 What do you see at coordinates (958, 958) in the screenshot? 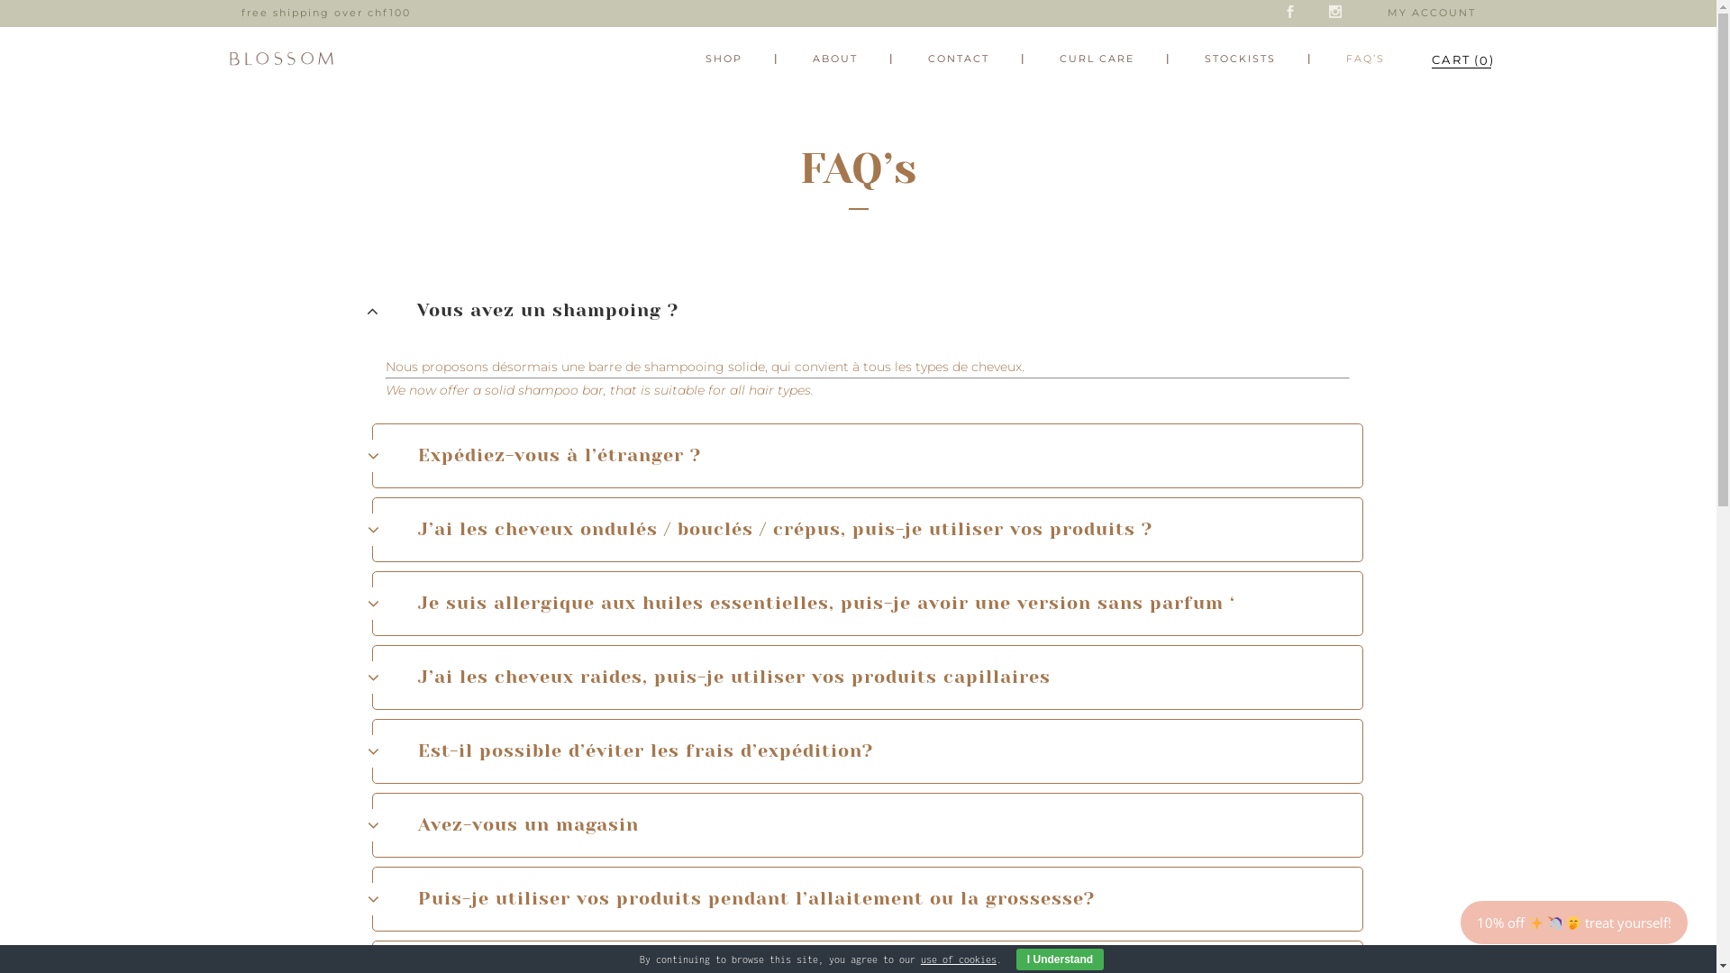
I see `'use of cookies'` at bounding box center [958, 958].